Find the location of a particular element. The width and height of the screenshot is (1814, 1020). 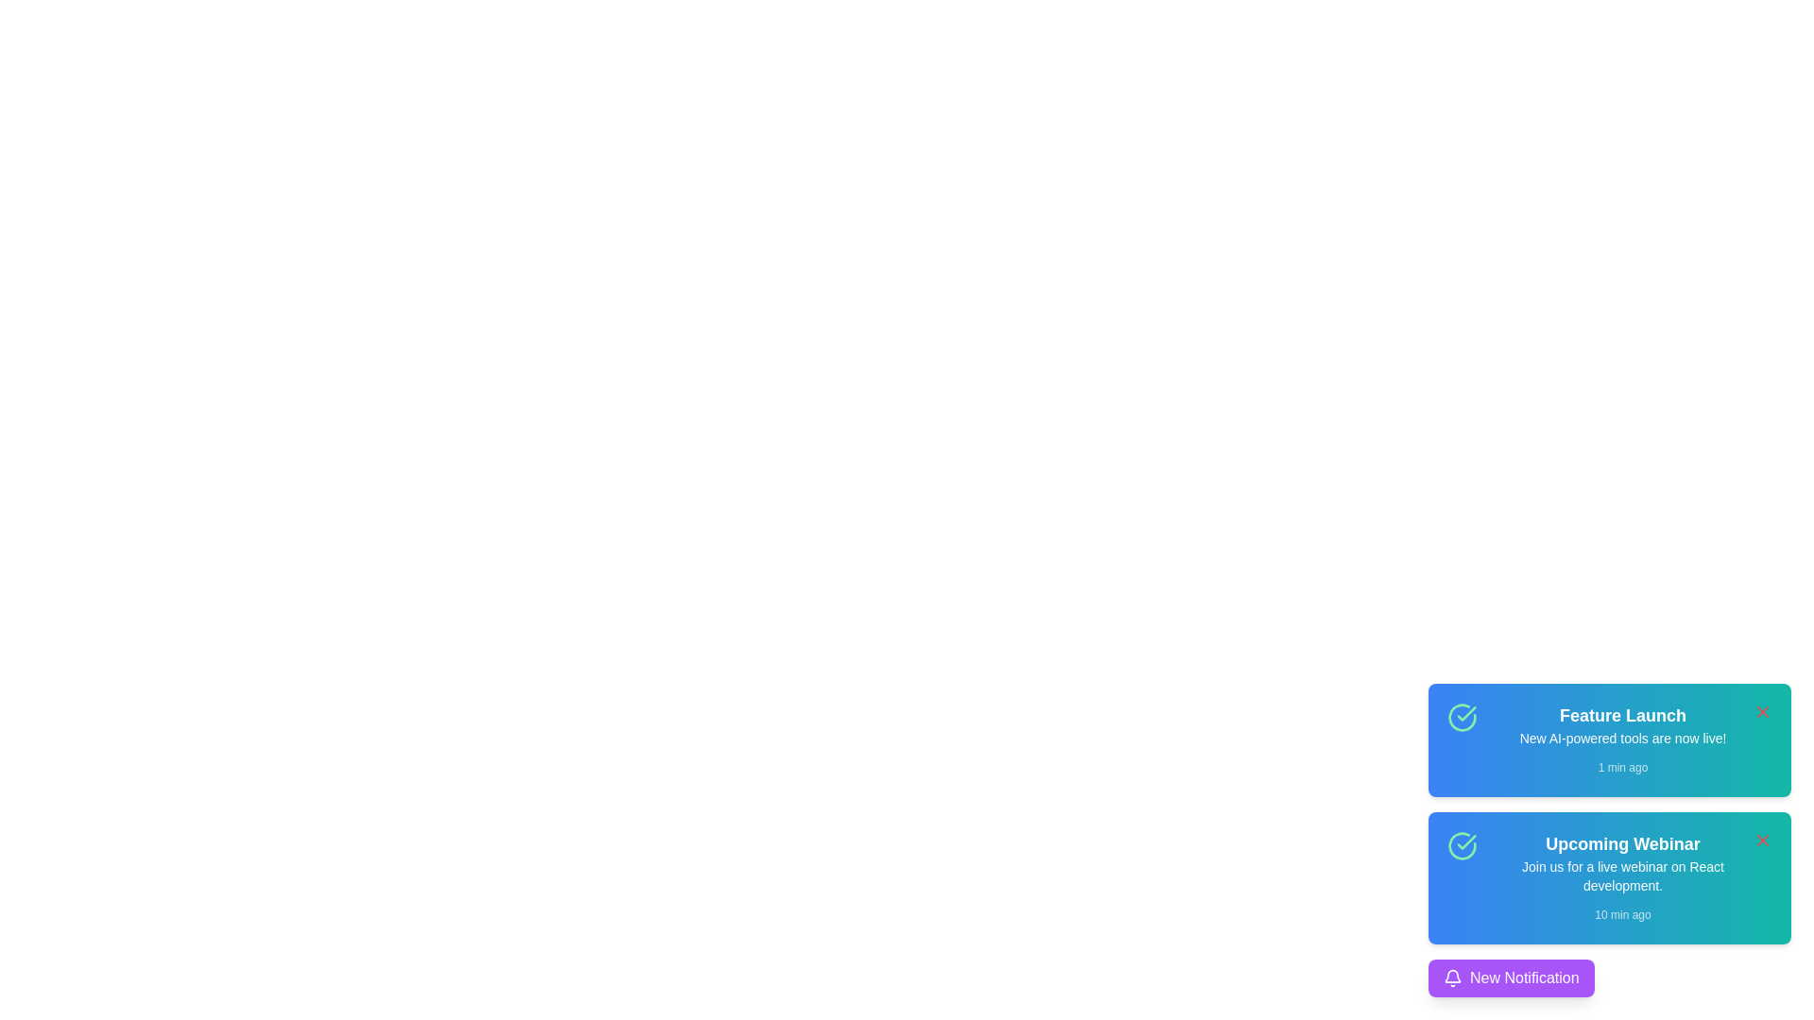

dismiss button for the notification titled 'Feature Launch' is located at coordinates (1762, 711).